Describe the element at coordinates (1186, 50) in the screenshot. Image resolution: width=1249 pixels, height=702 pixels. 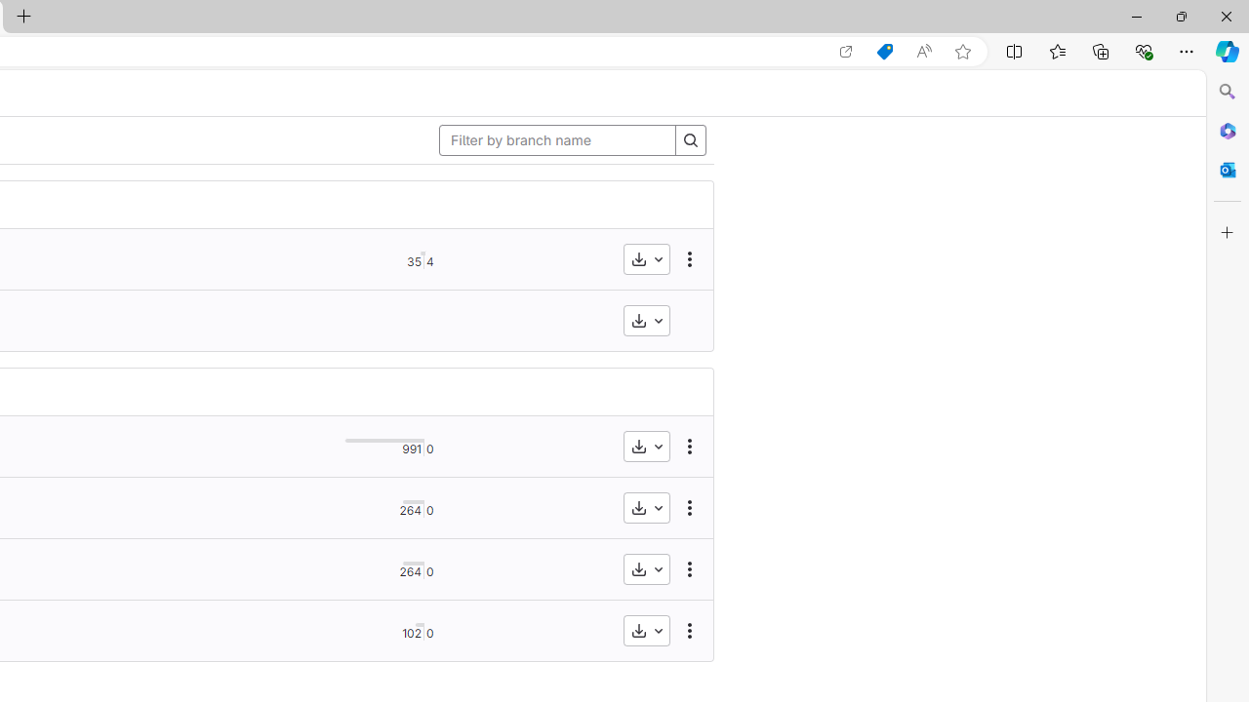
I see `'Settings and more (Alt+F)'` at that location.